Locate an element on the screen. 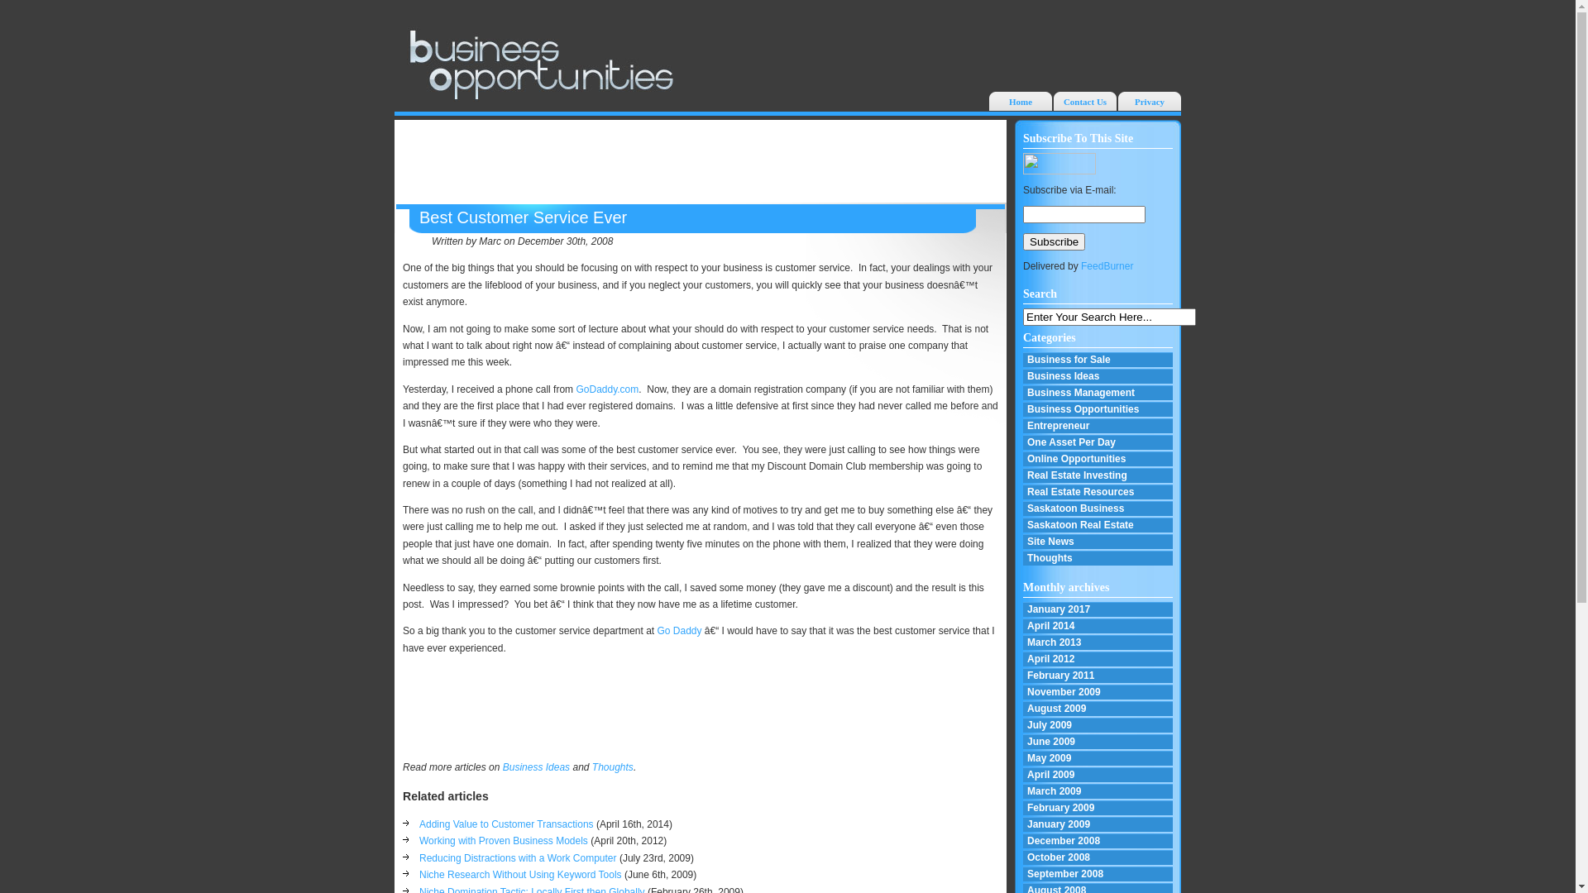 Image resolution: width=1588 pixels, height=893 pixels. 'Business Ideas' is located at coordinates (536, 767).